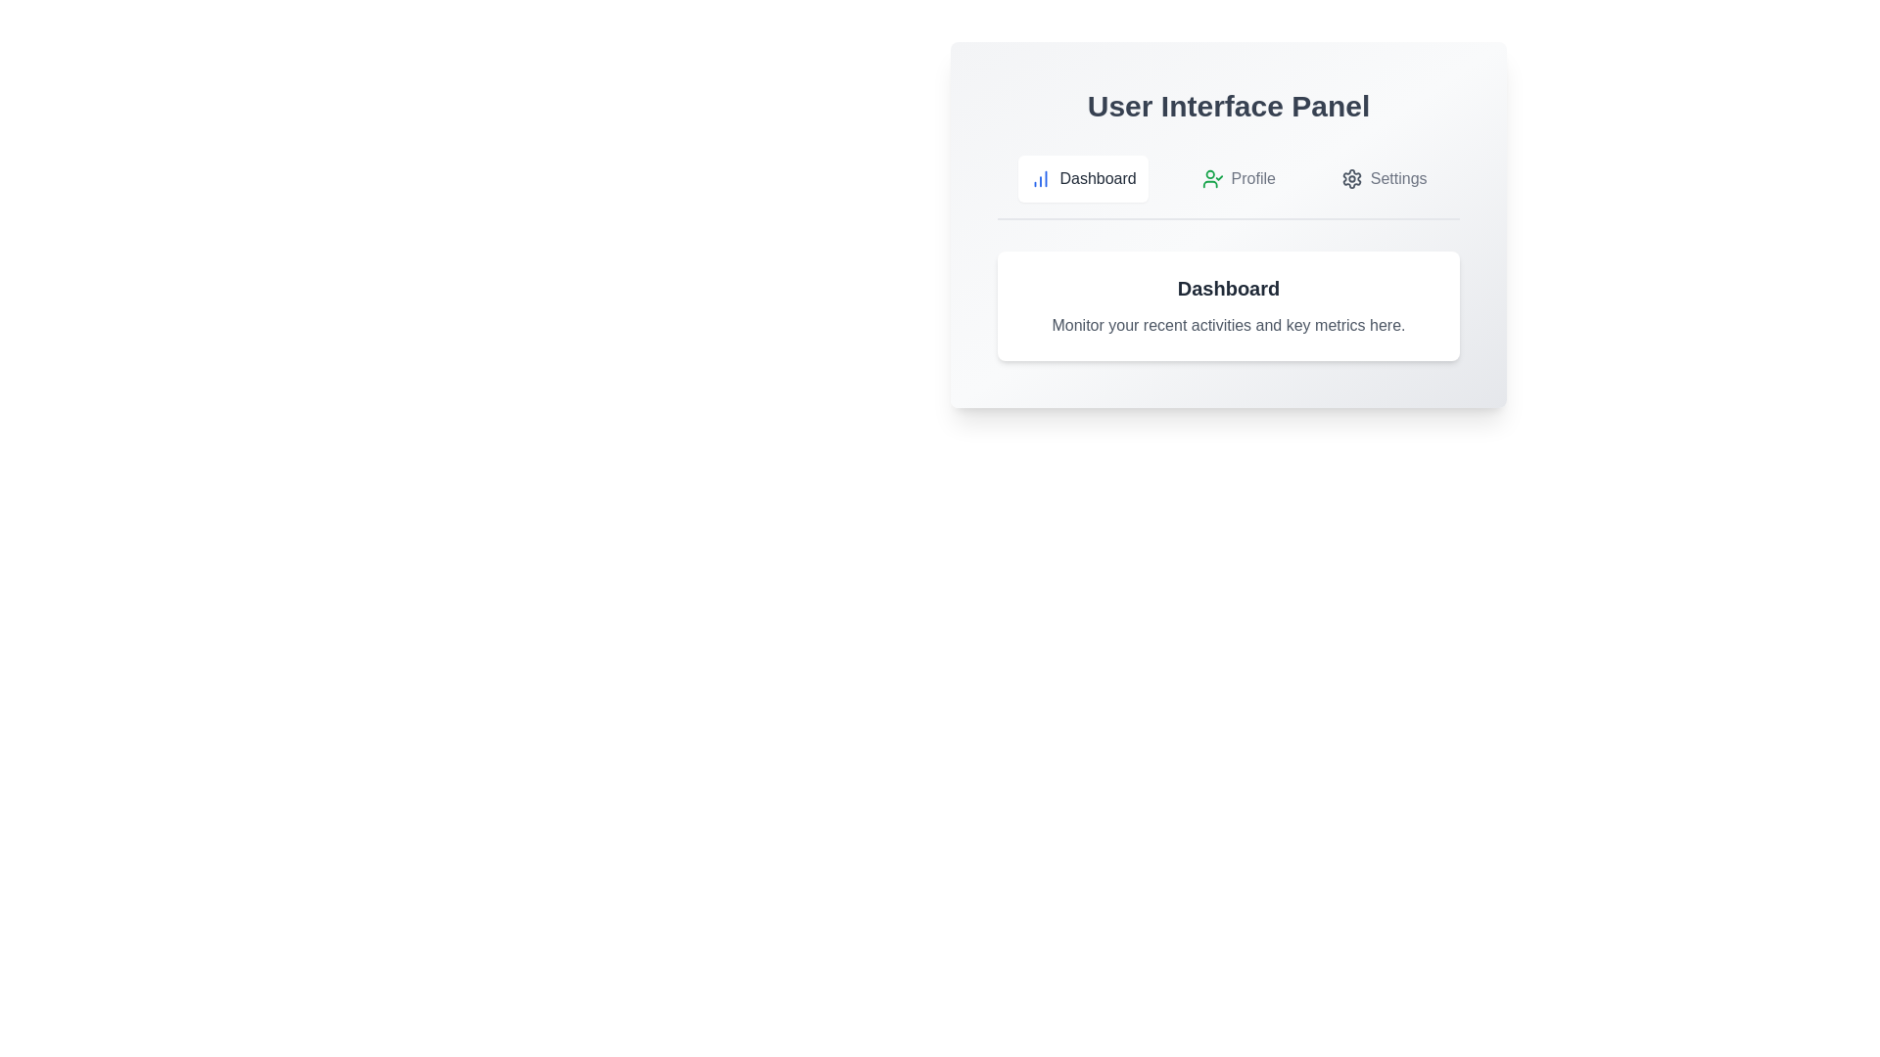 This screenshot has height=1057, width=1880. I want to click on the Profile tab by clicking on its button, so click(1238, 178).